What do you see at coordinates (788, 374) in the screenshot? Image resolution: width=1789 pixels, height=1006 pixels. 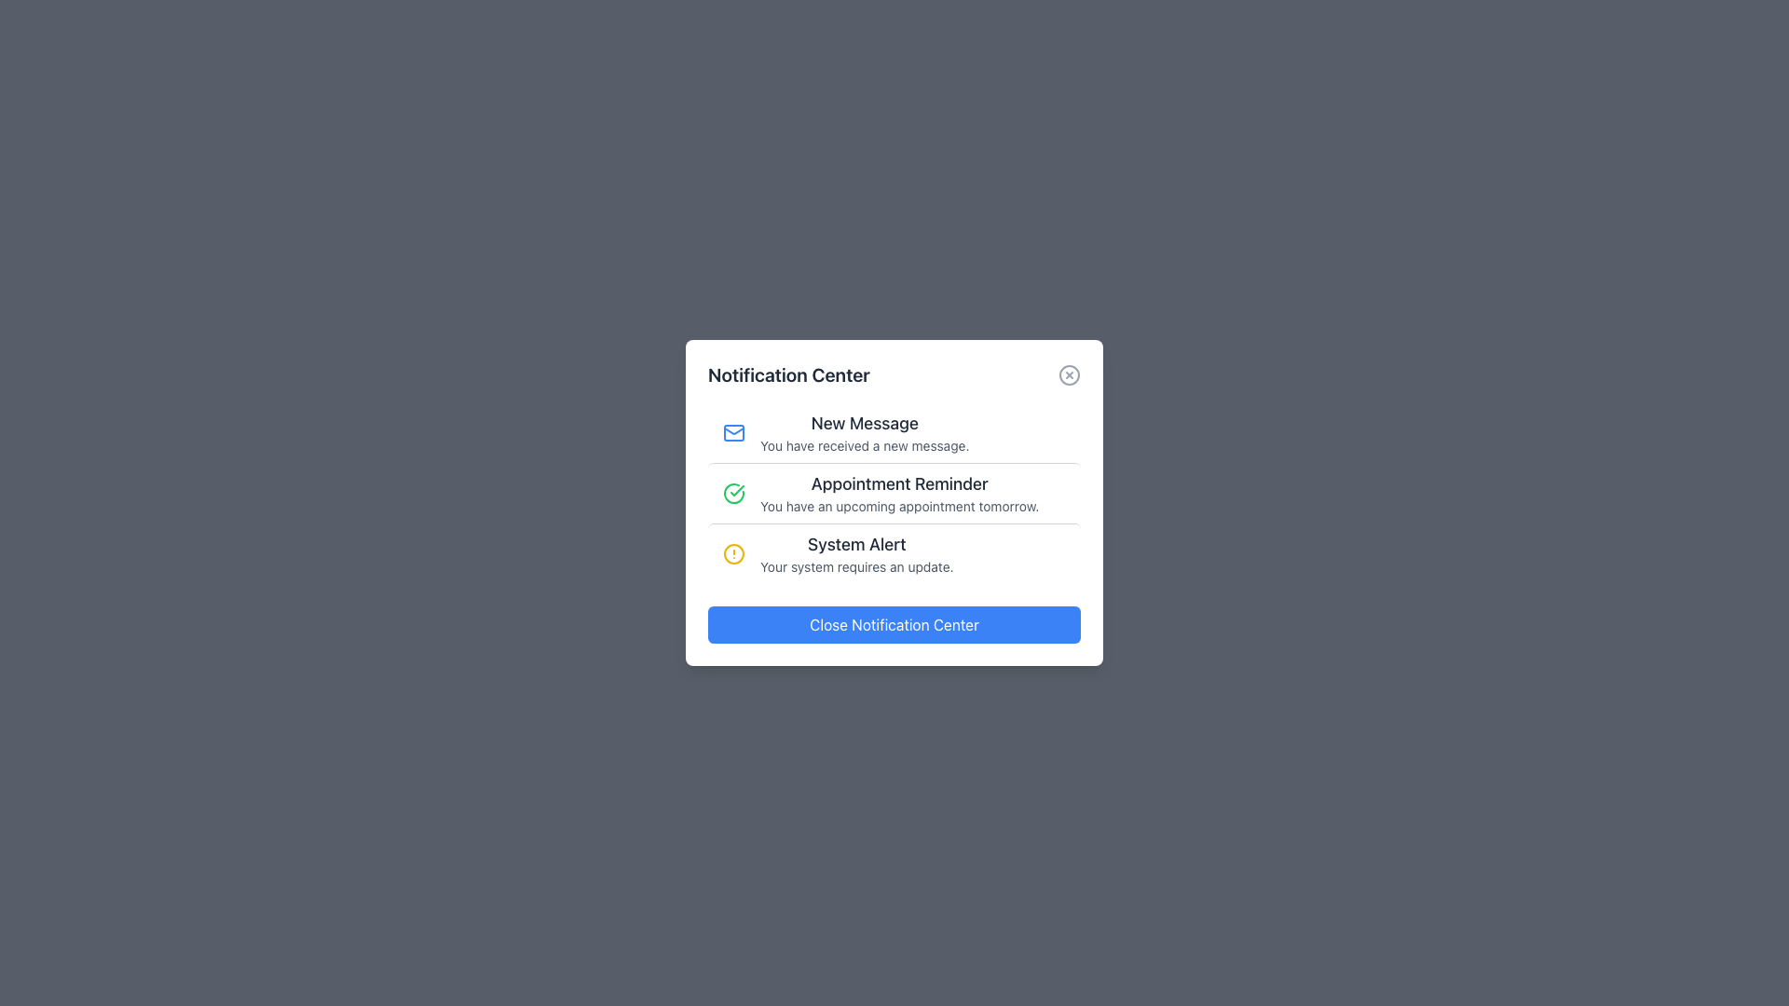 I see `text displayed in the 'Notification Center' label, which is styled in bold and dark gray at the top of the notification panel` at bounding box center [788, 374].